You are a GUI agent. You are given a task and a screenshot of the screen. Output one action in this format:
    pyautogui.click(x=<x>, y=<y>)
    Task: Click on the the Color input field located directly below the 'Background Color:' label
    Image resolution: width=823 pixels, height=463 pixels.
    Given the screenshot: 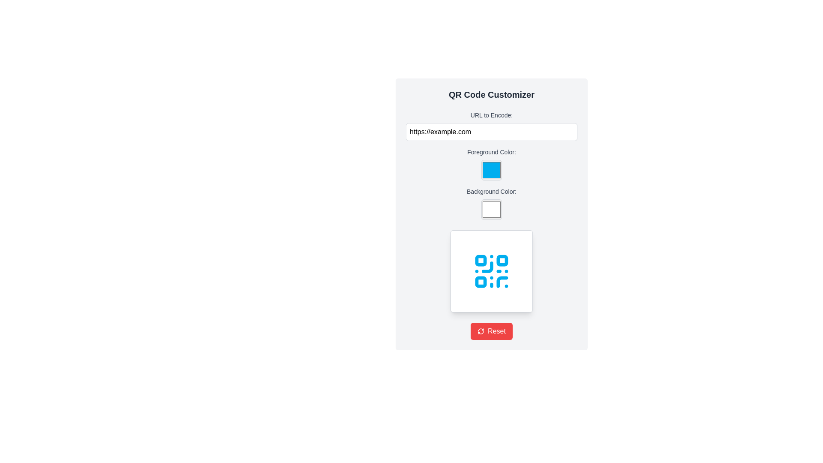 What is the action you would take?
    pyautogui.click(x=492, y=210)
    